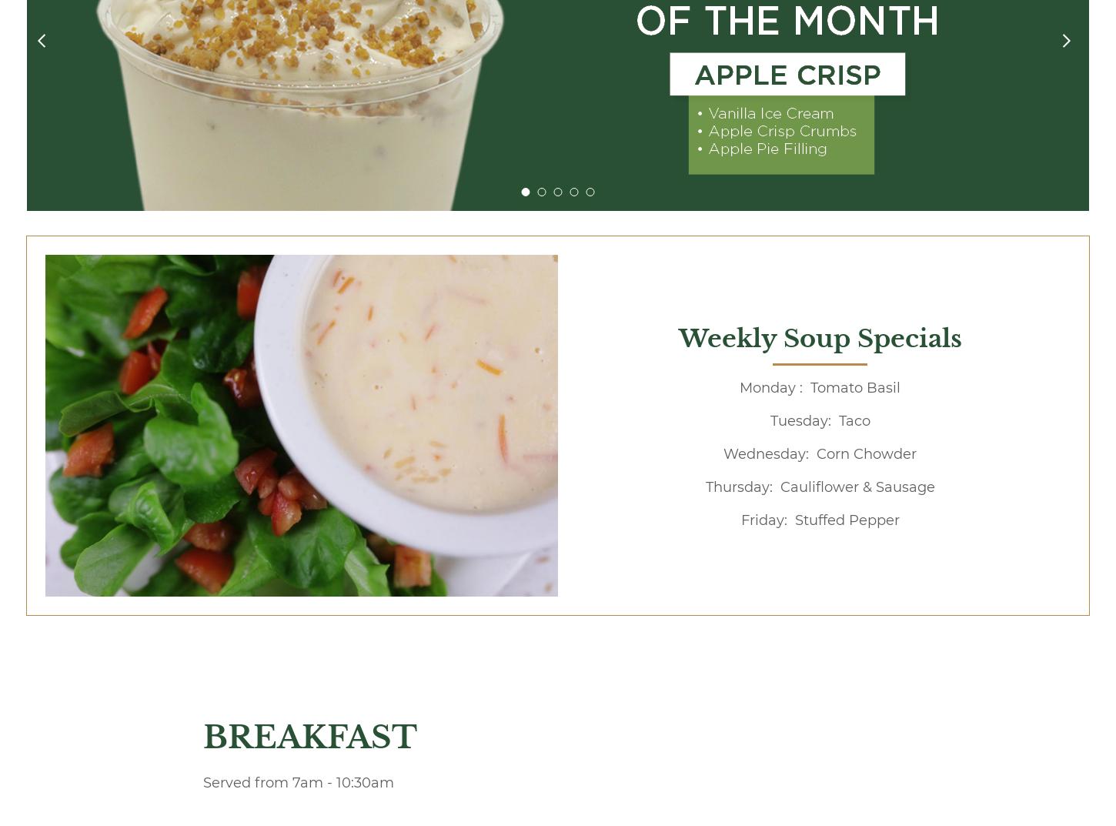 The width and height of the screenshot is (1116, 826). What do you see at coordinates (747, 428) in the screenshot?
I see `'Help Center'` at bounding box center [747, 428].